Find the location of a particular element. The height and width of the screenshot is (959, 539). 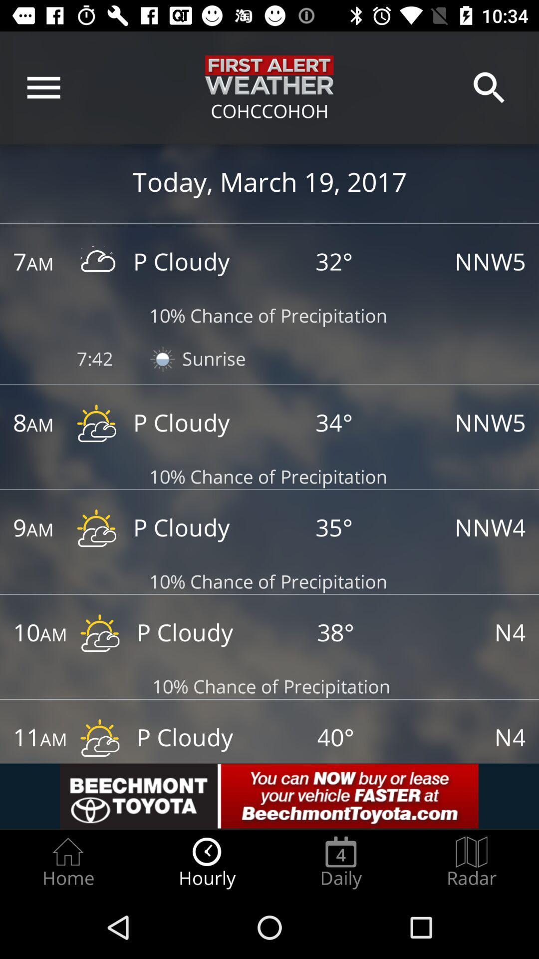

change time is located at coordinates (29, 739).